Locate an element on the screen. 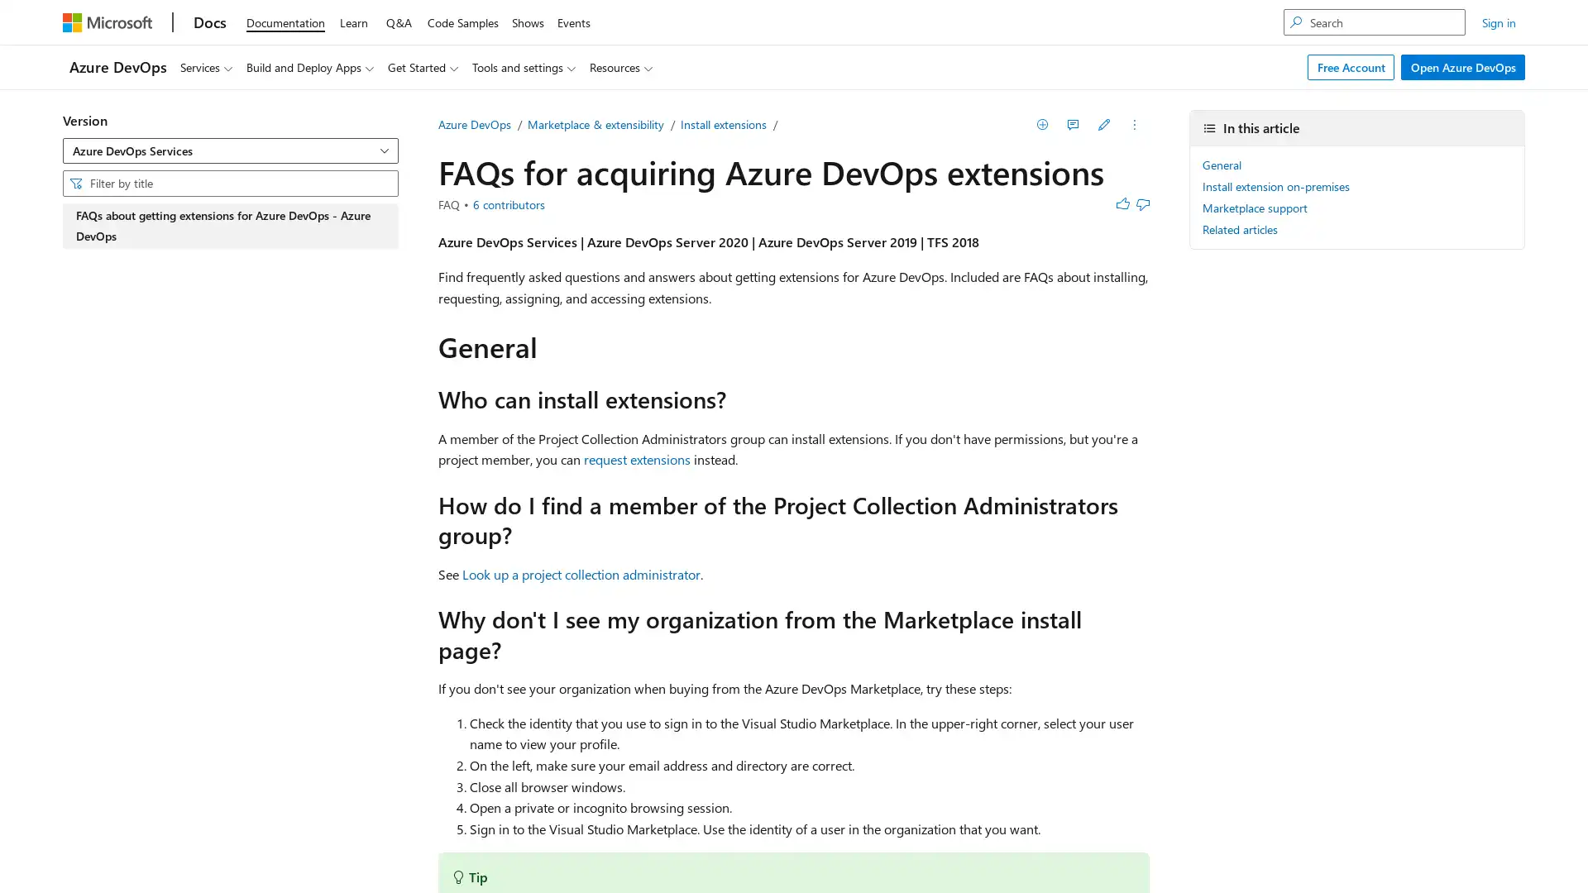  Build and Deploy Apps is located at coordinates (310, 66).